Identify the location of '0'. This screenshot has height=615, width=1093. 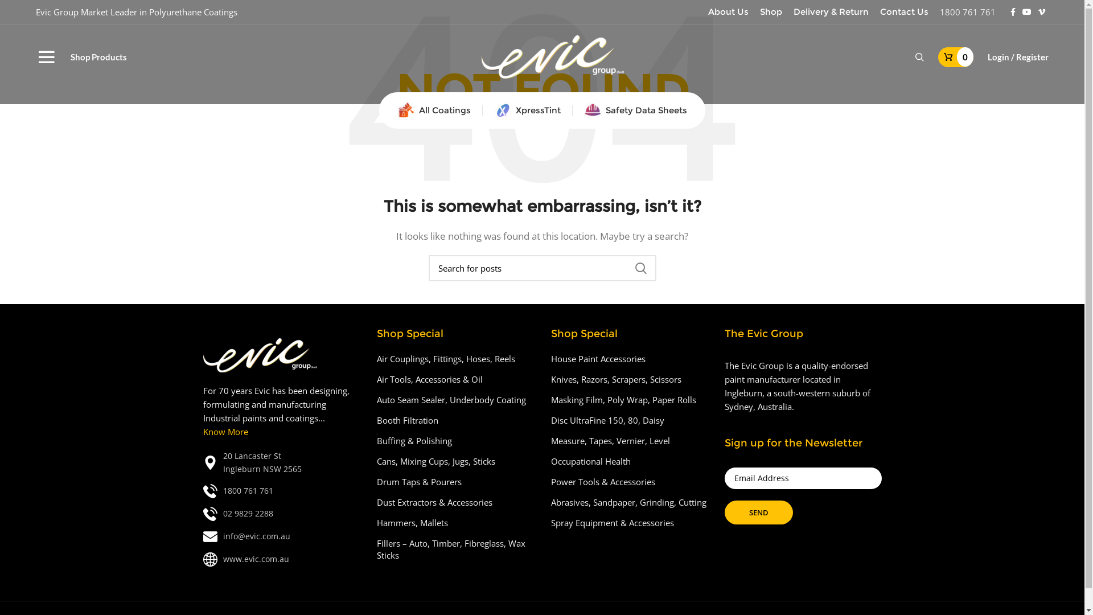
(956, 57).